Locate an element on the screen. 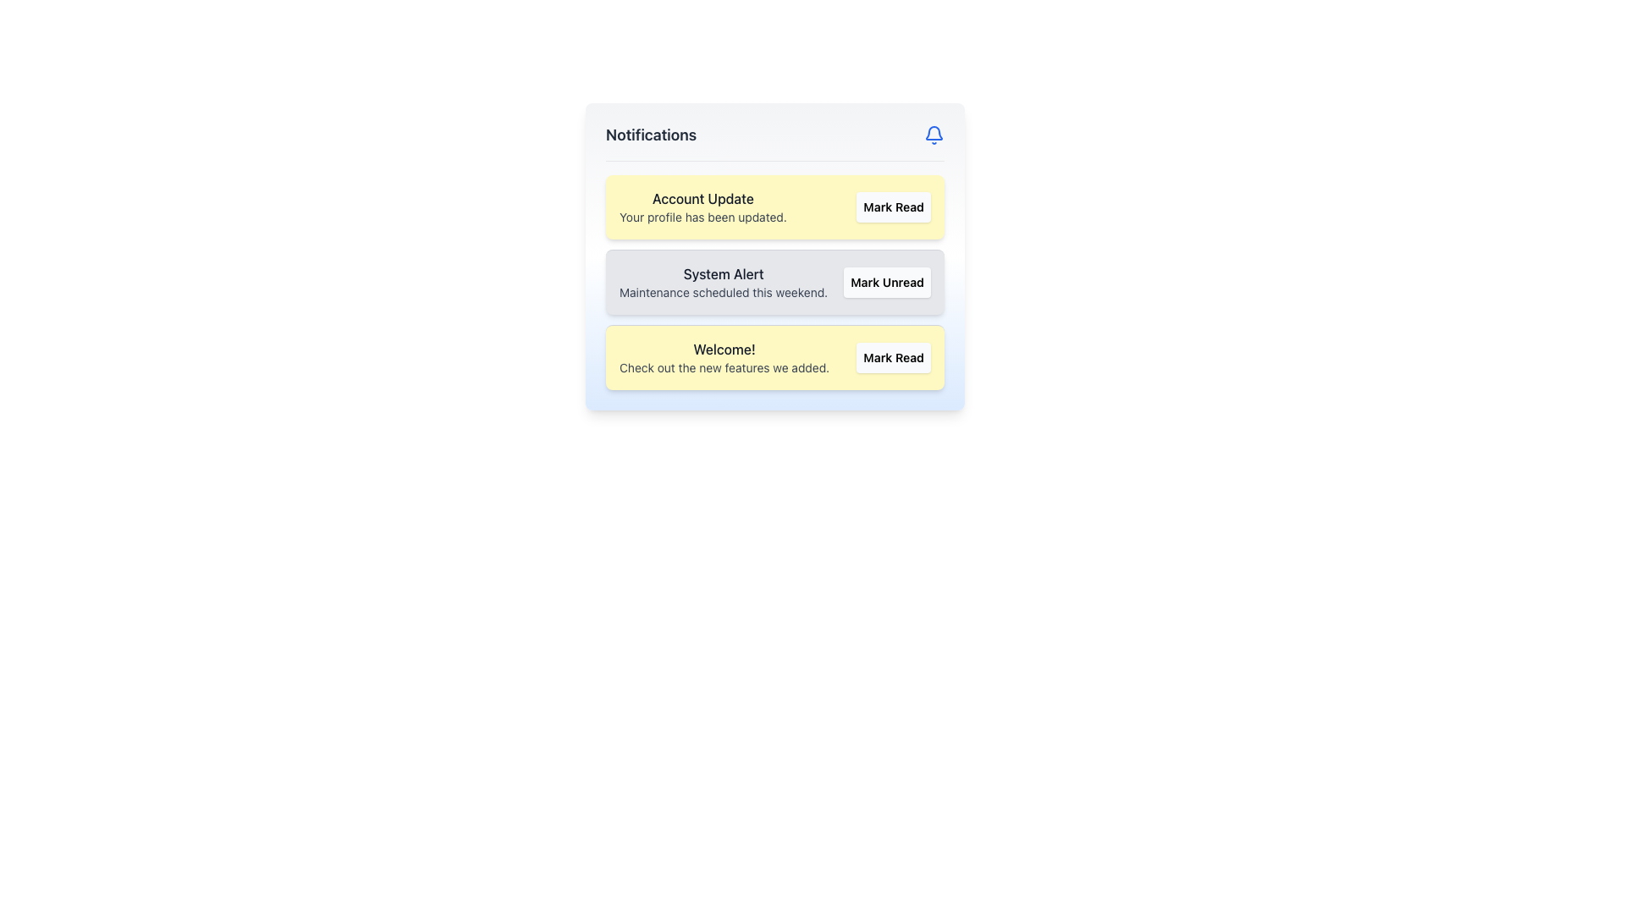 The width and height of the screenshot is (1625, 914). the bell icon in the notifications panel, located to the right of the 'Notifications' text, which is styled with a blue outline is located at coordinates (934, 132).